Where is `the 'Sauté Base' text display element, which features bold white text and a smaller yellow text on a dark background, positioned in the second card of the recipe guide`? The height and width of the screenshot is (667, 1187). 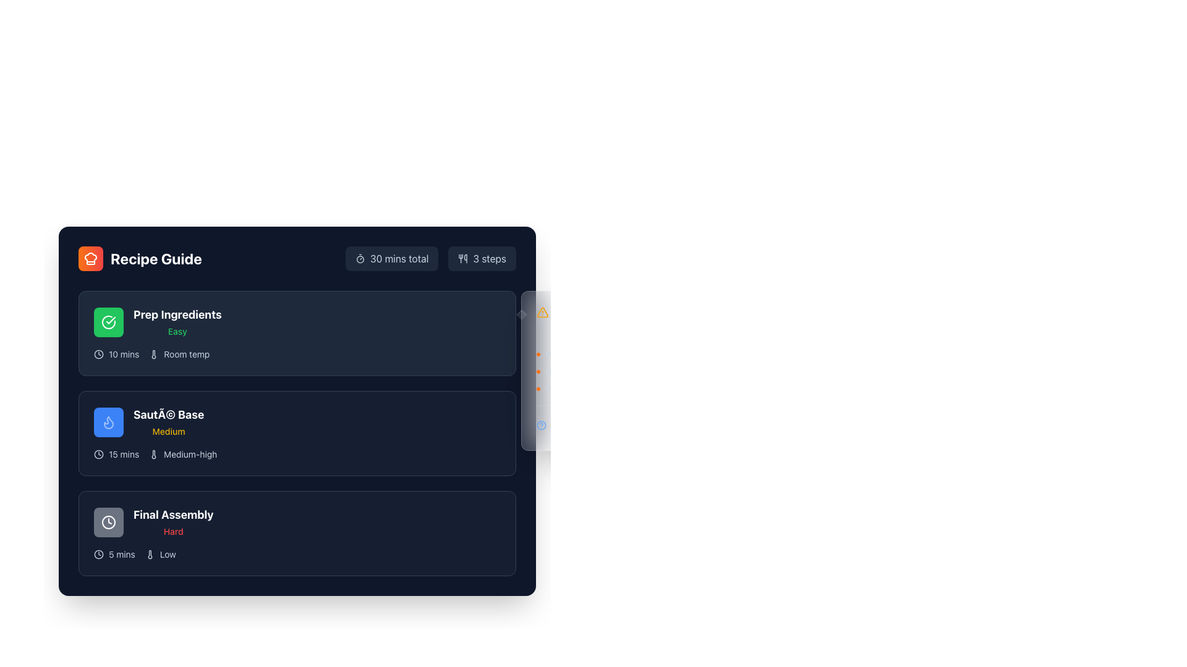 the 'Sauté Base' text display element, which features bold white text and a smaller yellow text on a dark background, positioned in the second card of the recipe guide is located at coordinates (168, 421).